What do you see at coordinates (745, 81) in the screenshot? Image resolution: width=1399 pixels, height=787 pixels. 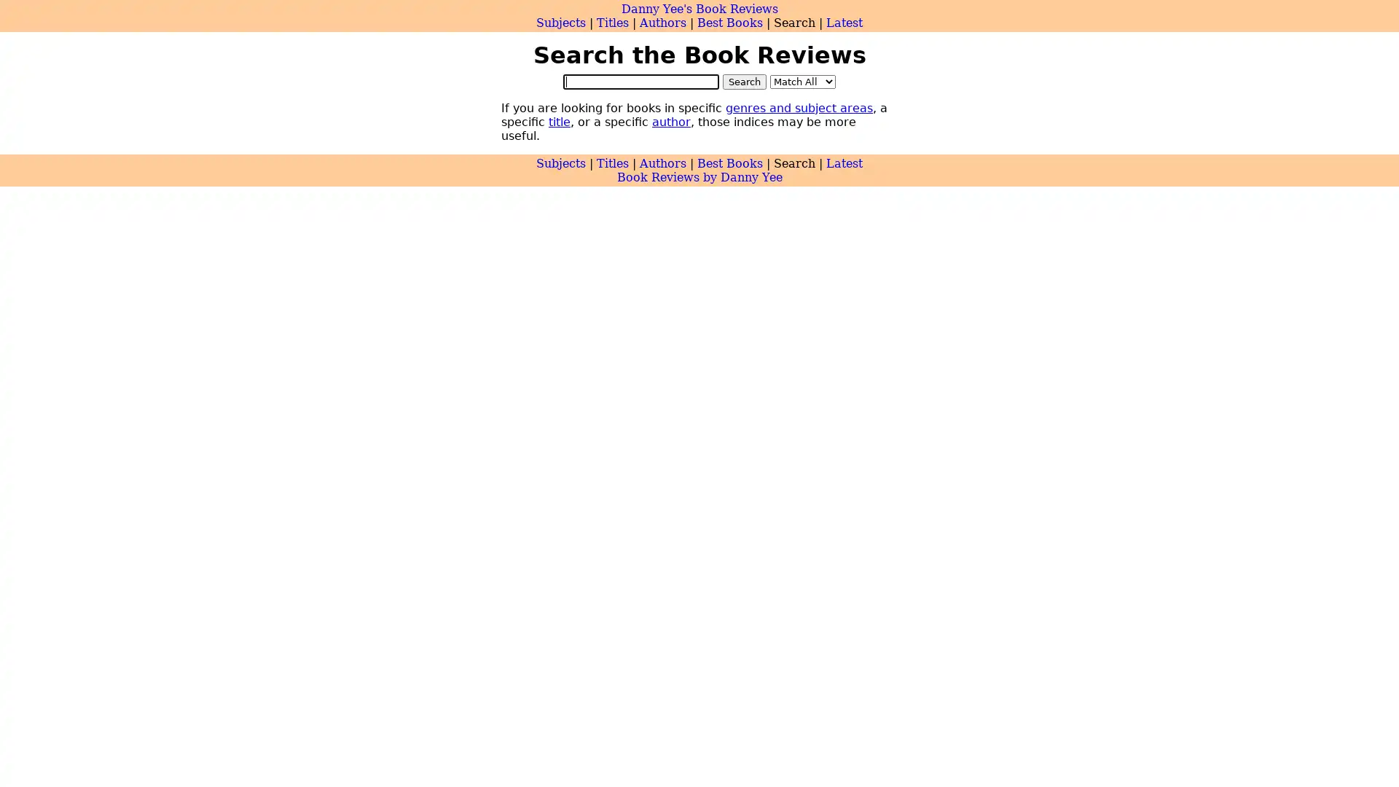 I see `Search` at bounding box center [745, 81].